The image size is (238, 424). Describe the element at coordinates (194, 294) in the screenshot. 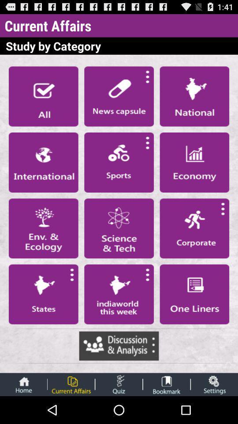

I see `one line current affairs` at that location.